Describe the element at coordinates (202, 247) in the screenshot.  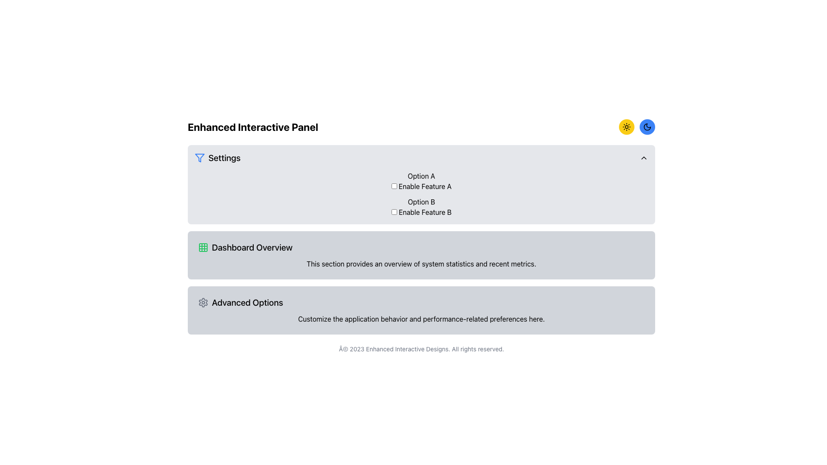
I see `the central square of the 3x3 grid icon located near the top-right corner of the interface` at that location.